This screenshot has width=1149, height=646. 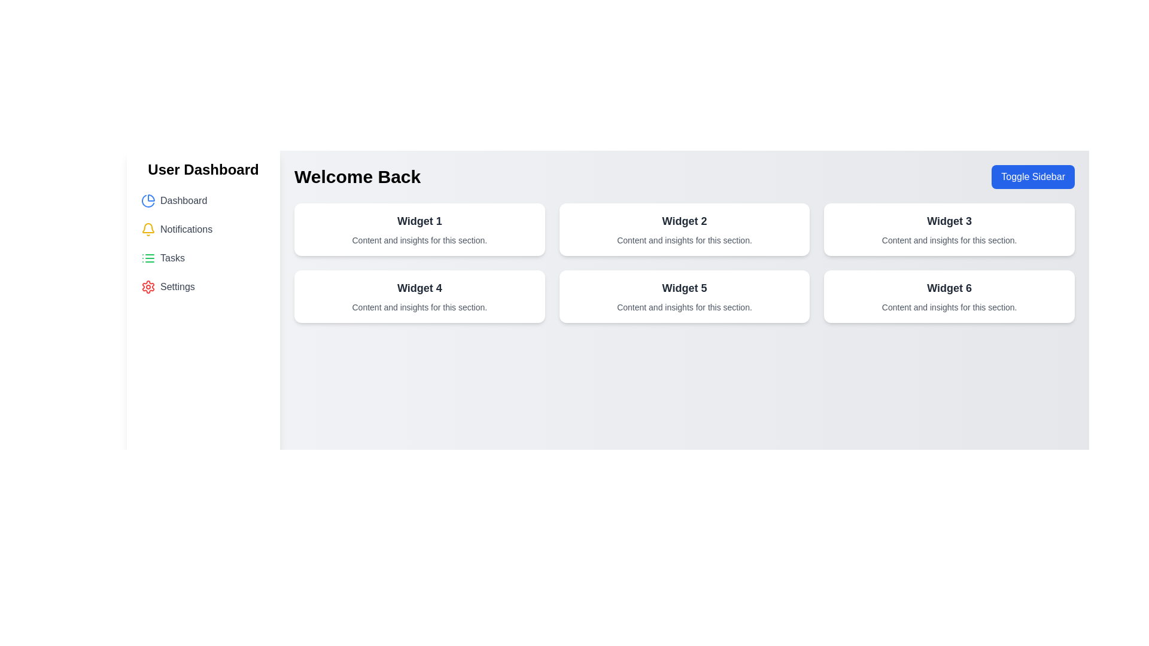 I want to click on the Card widget labeled 'Widget 5' with a white background and rounded corners, located at the bottom-right corner of the leftmost three-column group in the second row, so click(x=684, y=296).